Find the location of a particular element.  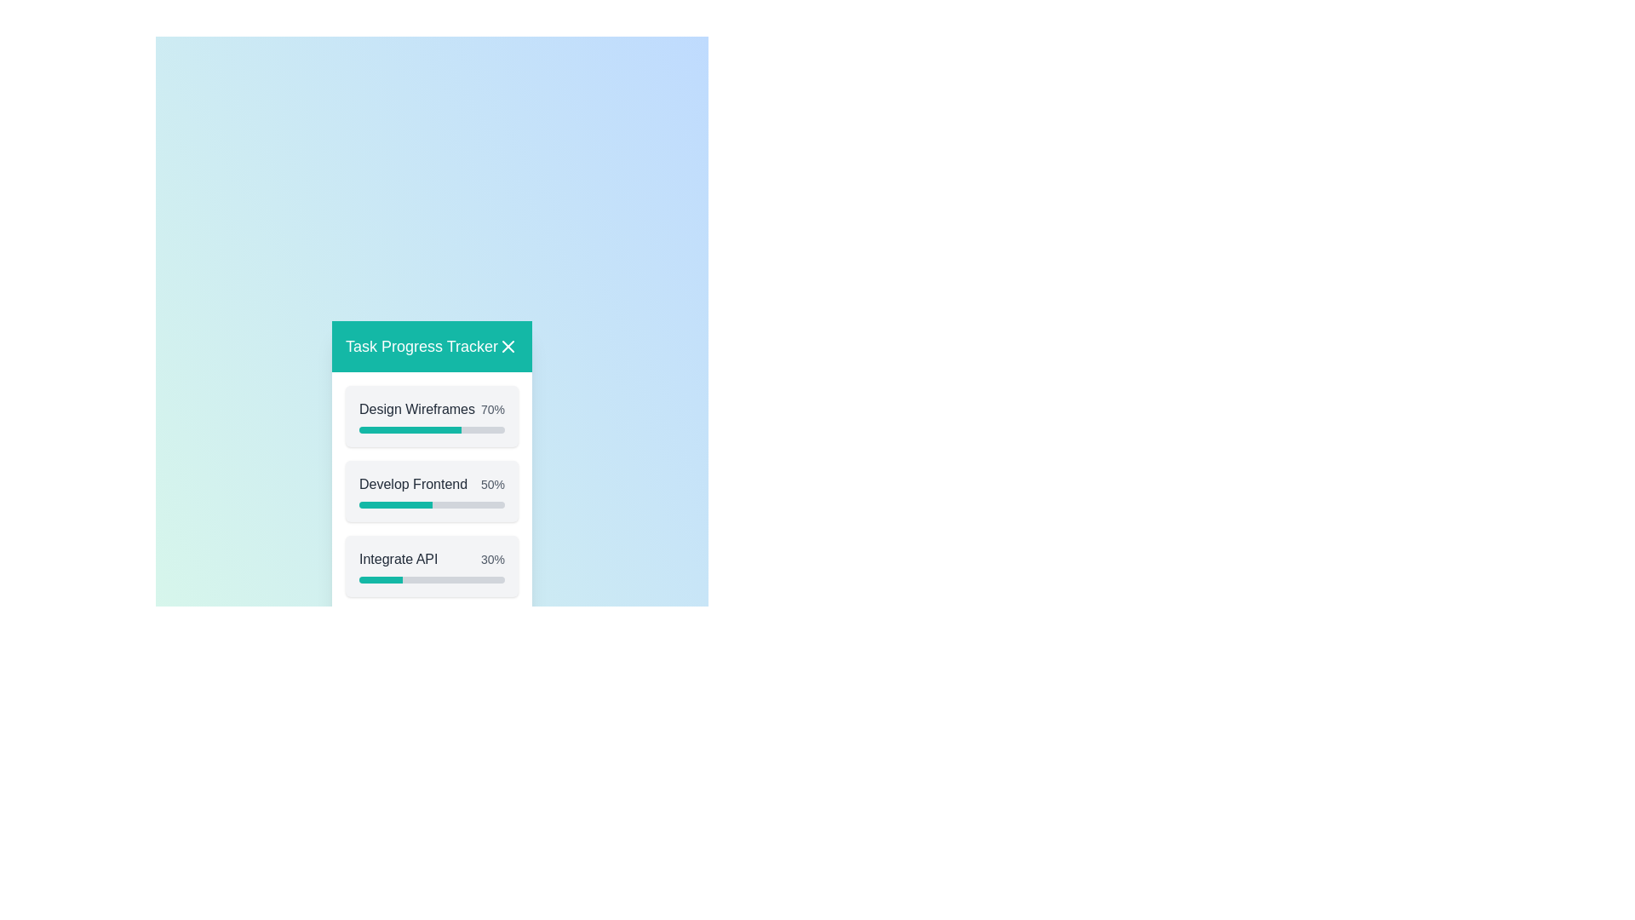

the close button to inspect its interaction is located at coordinates (507, 345).